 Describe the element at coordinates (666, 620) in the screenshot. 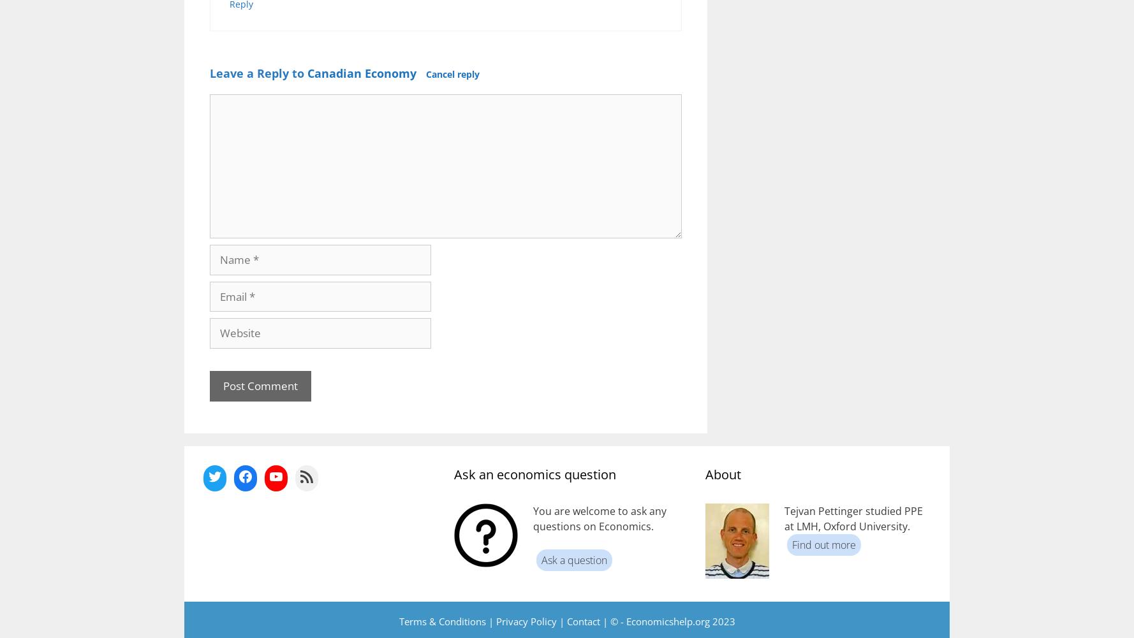

I see `'| © - Economicshelp.org 2023'` at that location.